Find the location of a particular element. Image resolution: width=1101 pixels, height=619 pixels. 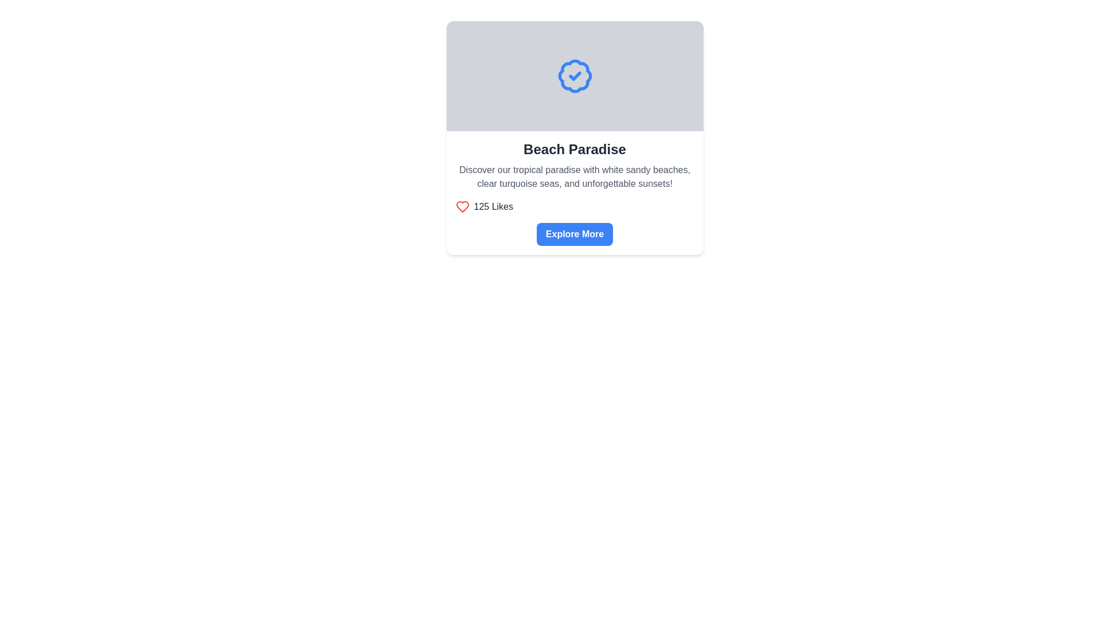

the Header text element, which serves as the title of the card and is positioned at the top section of the card, directly under a graphical representation is located at coordinates (575, 149).